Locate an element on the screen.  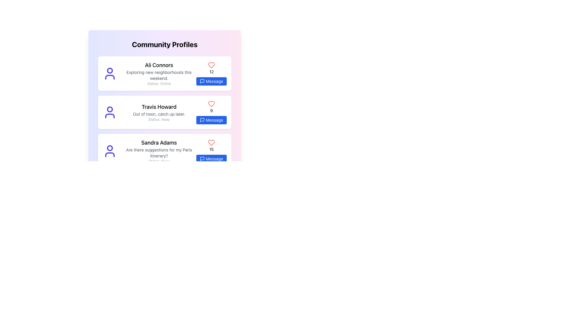
the 'Message' button, which is a rectangular button with rounded corners, blue background, white text, and a speech bubble icon, located in the second profile card at the lower-right adjacent to the likes count is located at coordinates (212, 120).